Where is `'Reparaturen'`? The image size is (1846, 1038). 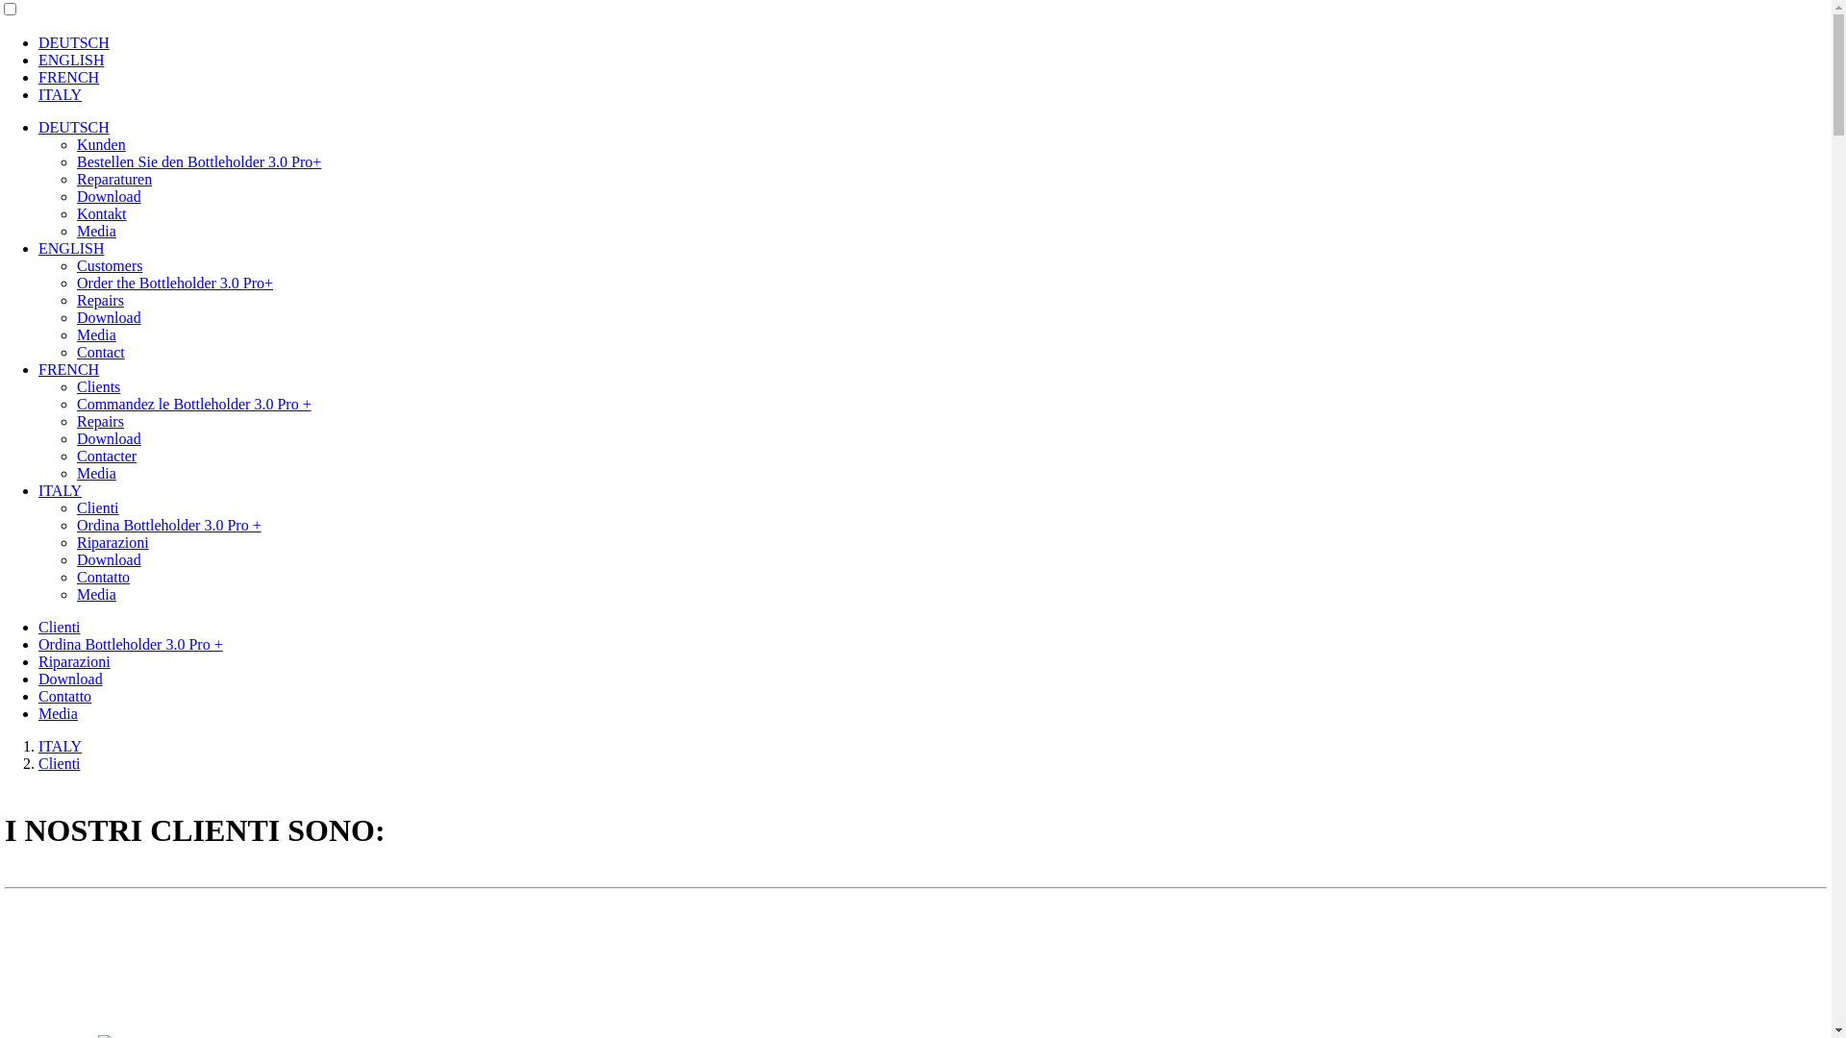 'Reparaturen' is located at coordinates (113, 179).